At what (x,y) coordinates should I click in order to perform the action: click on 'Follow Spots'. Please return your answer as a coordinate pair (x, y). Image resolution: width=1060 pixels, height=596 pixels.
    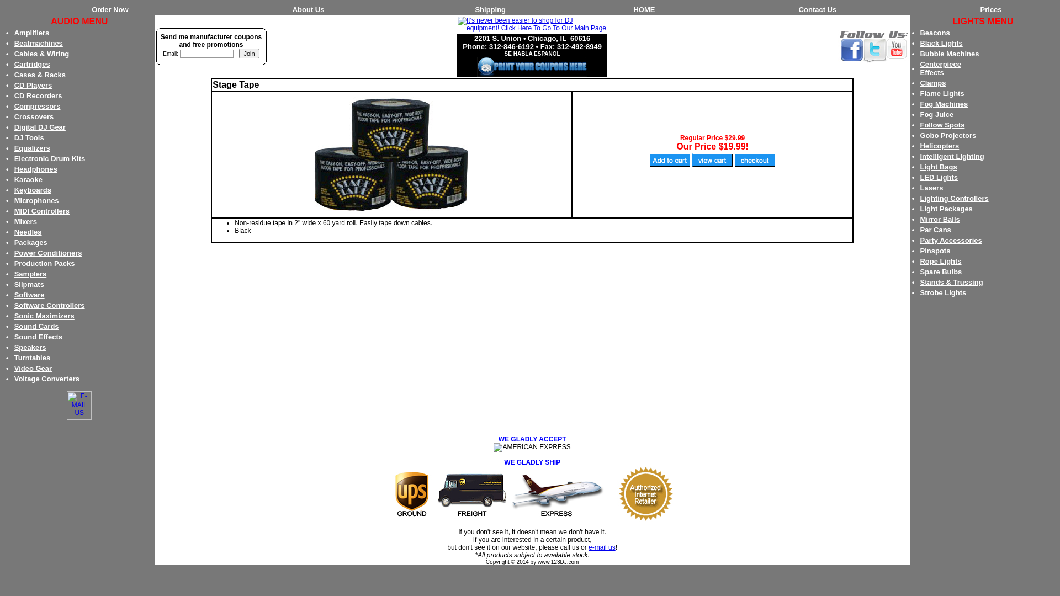
    Looking at the image, I should click on (941, 124).